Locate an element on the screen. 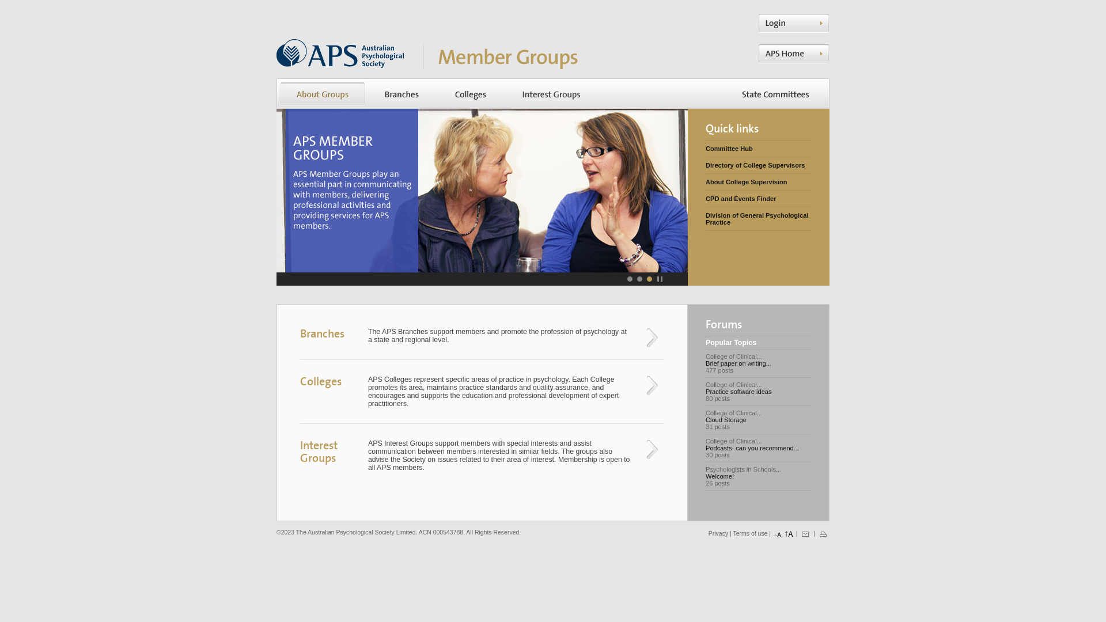 The height and width of the screenshot is (622, 1106). 'College of Clinical... is located at coordinates (758, 363).